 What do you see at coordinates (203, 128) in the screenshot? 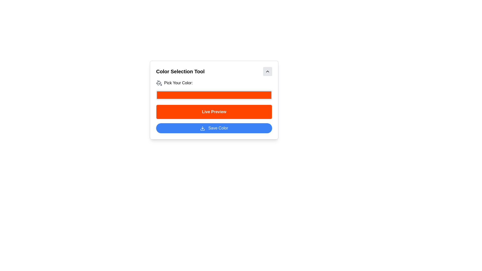
I see `the 'Save Color' icon, which is the download icon located on the left side of the 'Save Color' button at the bottom of the card` at bounding box center [203, 128].